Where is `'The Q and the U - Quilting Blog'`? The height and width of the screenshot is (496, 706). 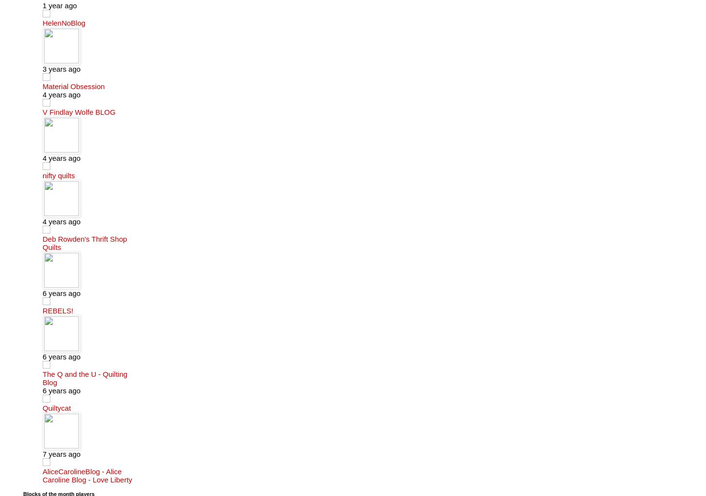
'The Q and the U - Quilting Blog' is located at coordinates (84, 377).